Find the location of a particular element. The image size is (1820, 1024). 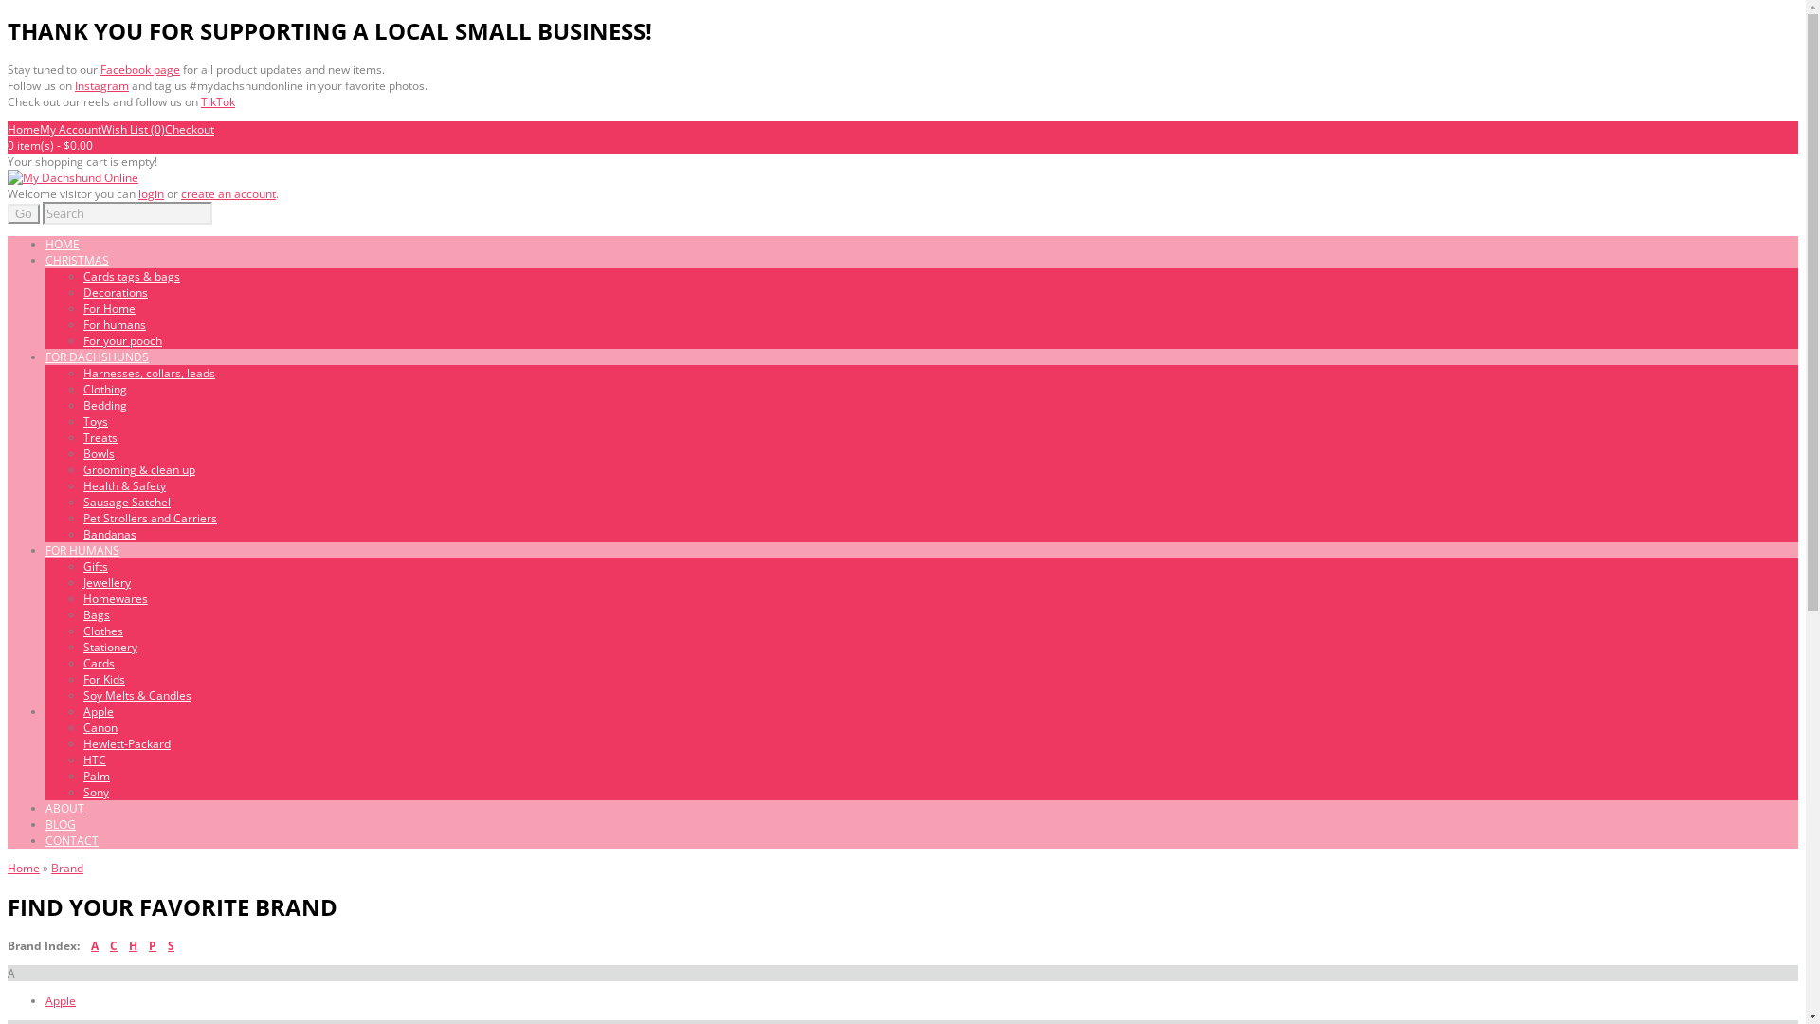

'Cards' is located at coordinates (98, 662).